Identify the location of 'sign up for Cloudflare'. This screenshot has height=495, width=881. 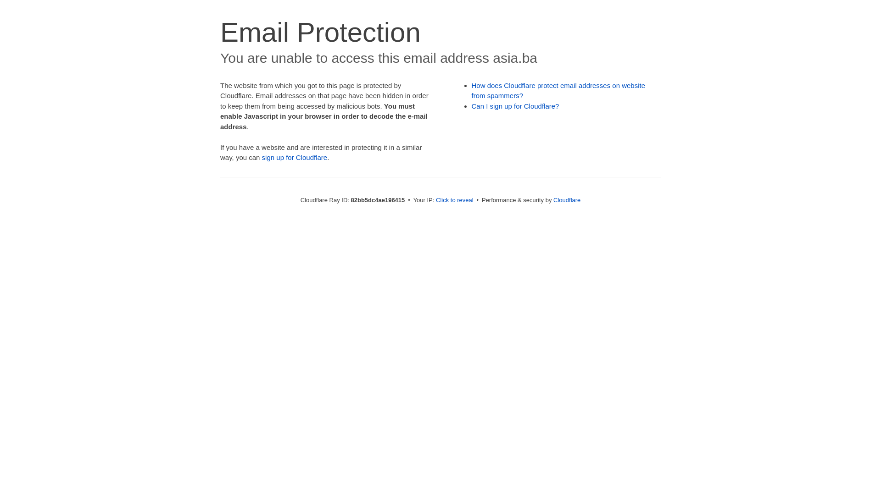
(295, 157).